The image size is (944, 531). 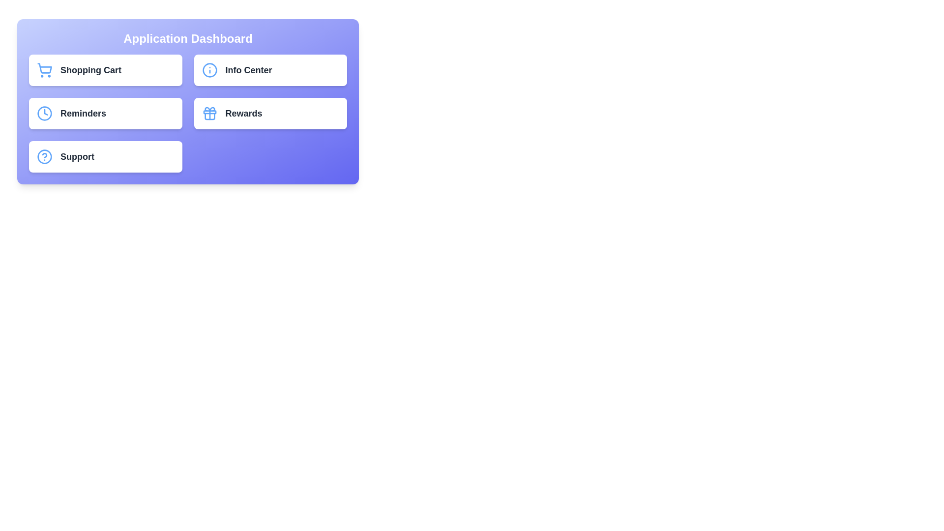 I want to click on the decorative graphic element resembling a gift ribbon or bow that enhances the visual attractiveness of the 'Rewards' button, positioned near the top area of the icon, so click(x=209, y=109).